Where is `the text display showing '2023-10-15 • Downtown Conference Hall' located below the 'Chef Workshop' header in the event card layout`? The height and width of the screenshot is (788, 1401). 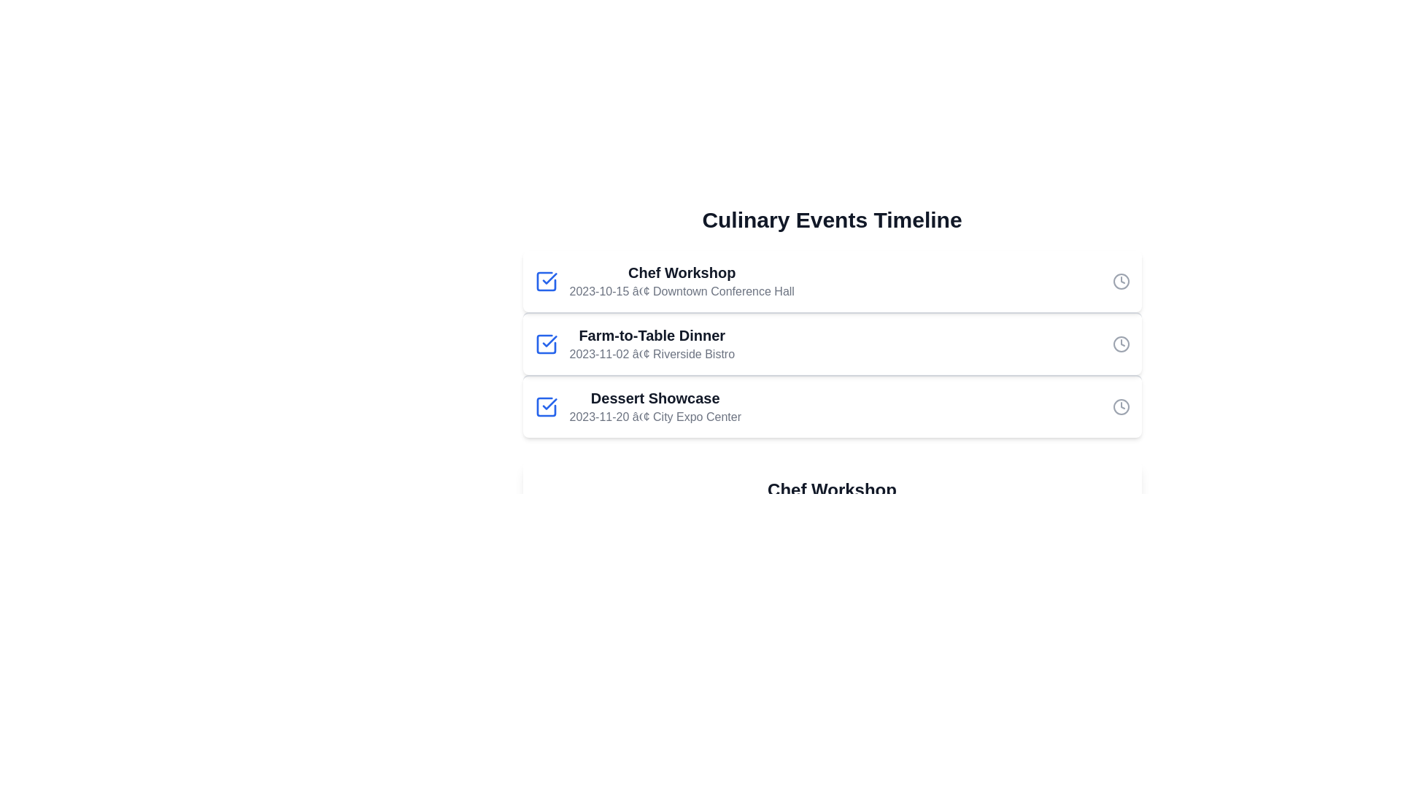
the text display showing '2023-10-15 • Downtown Conference Hall' located below the 'Chef Workshop' header in the event card layout is located at coordinates (681, 292).